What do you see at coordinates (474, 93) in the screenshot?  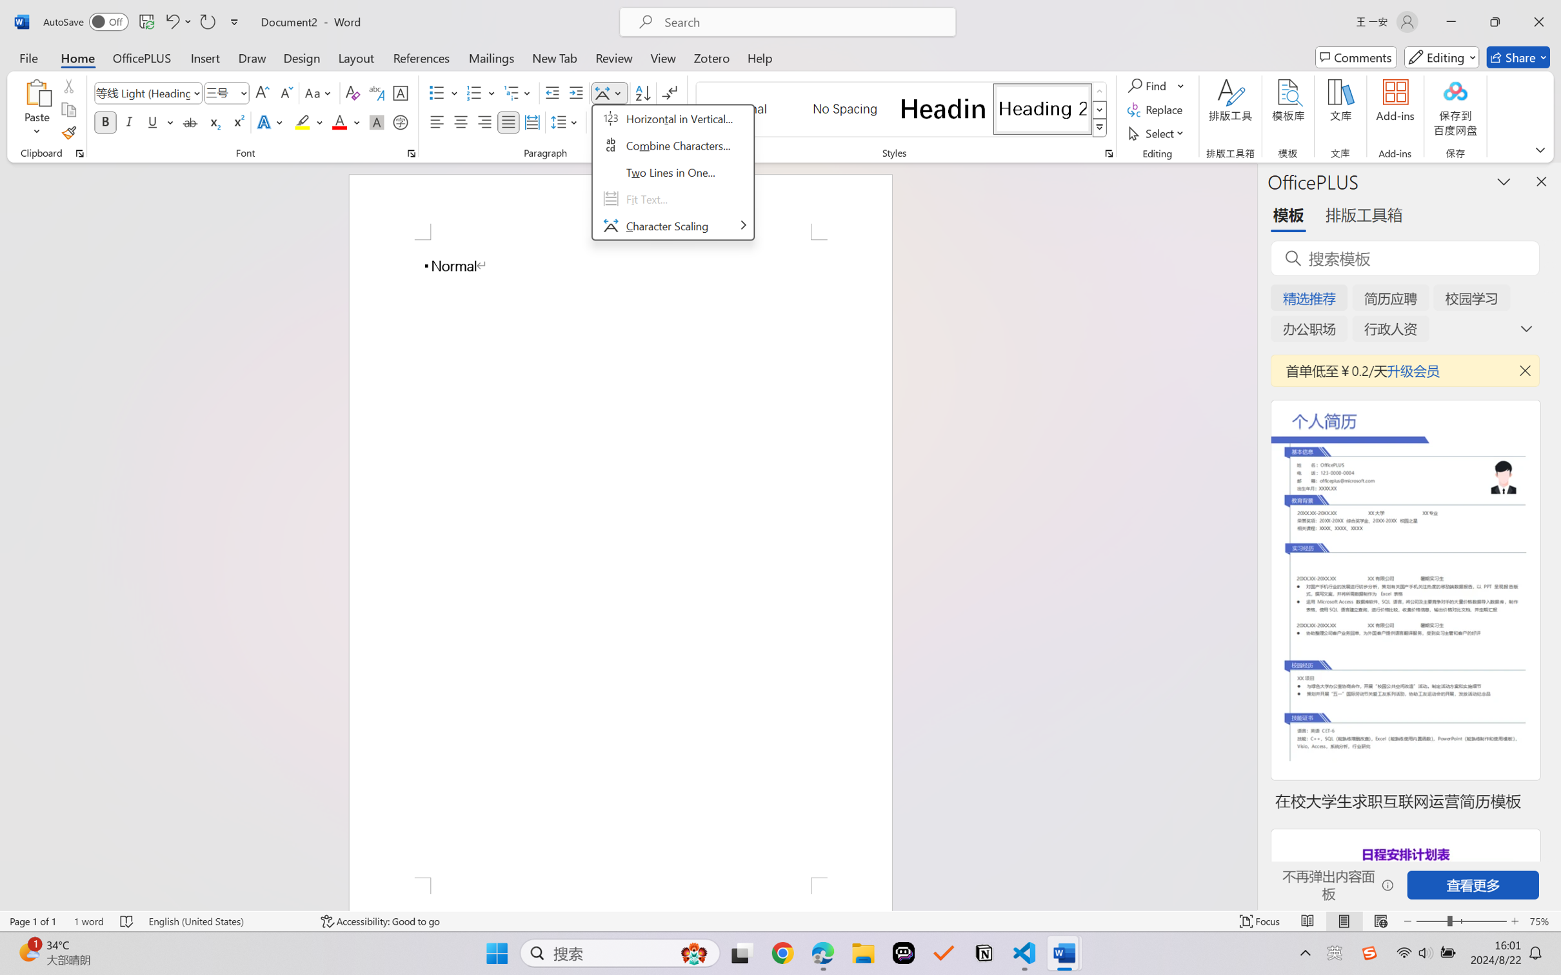 I see `'Numbering'` at bounding box center [474, 93].